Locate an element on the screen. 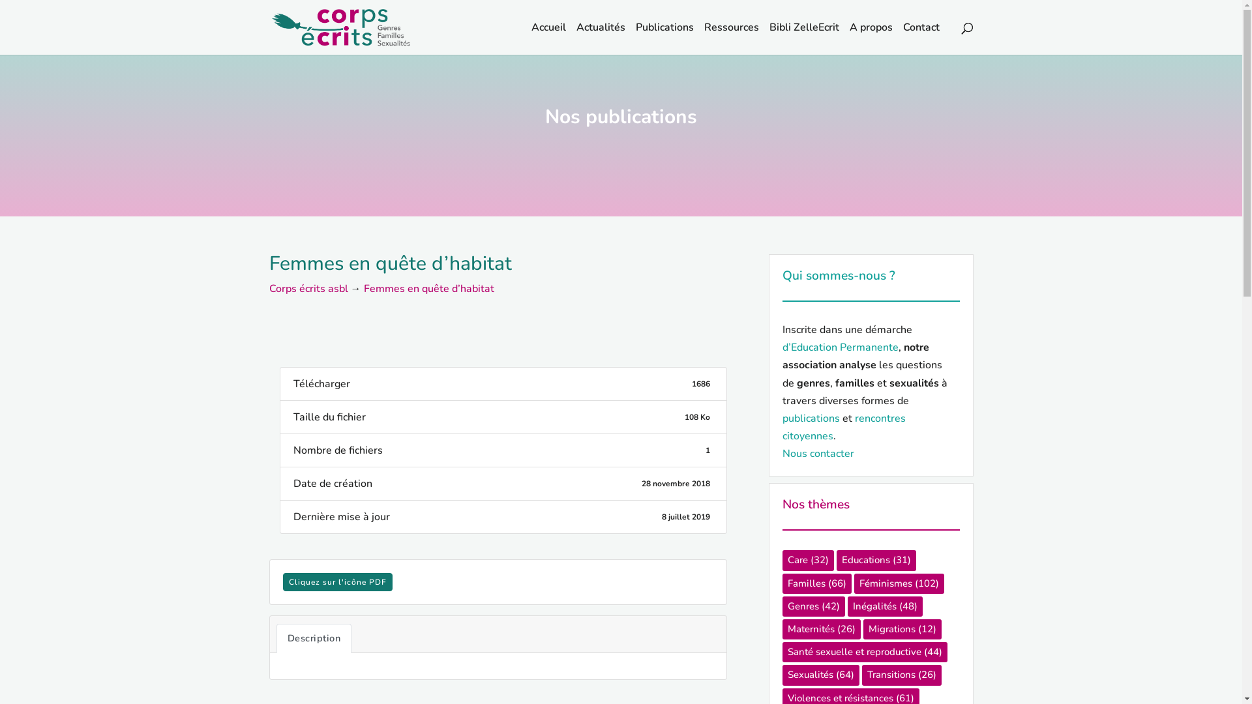 This screenshot has width=1252, height=704. 'A propos' is located at coordinates (870, 38).